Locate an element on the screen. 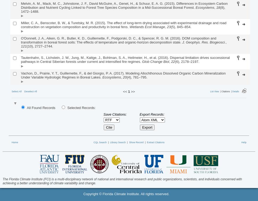 The image size is (258, 201). 'Show Record' is located at coordinates (136, 142).